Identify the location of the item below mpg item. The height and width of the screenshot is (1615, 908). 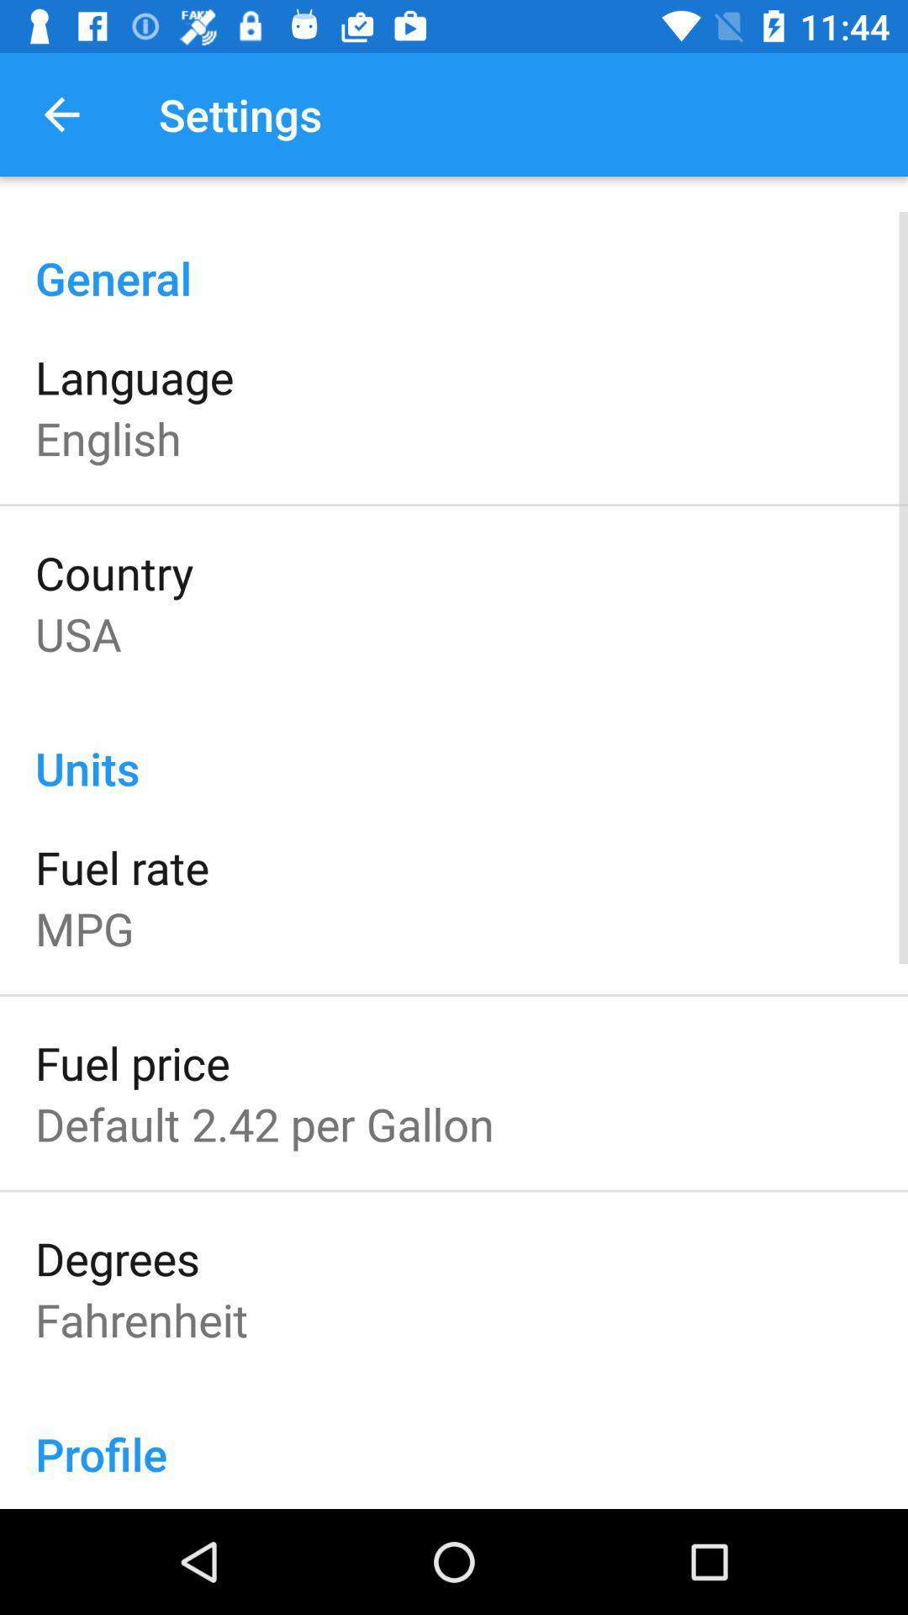
(131, 1062).